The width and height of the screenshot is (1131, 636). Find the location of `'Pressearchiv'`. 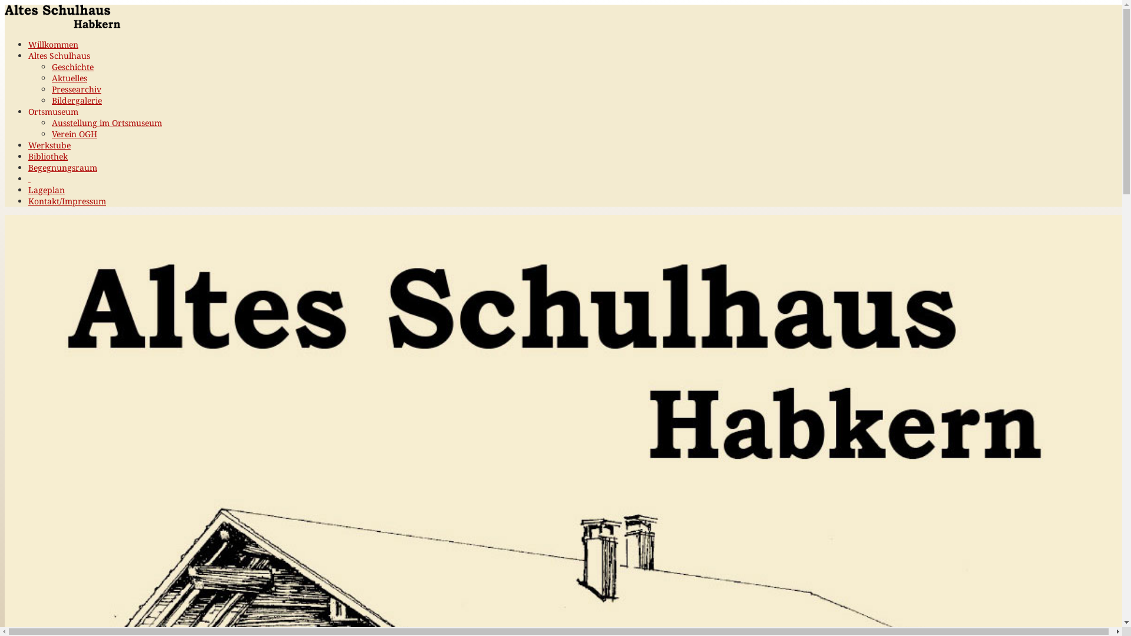

'Pressearchiv' is located at coordinates (75, 88).